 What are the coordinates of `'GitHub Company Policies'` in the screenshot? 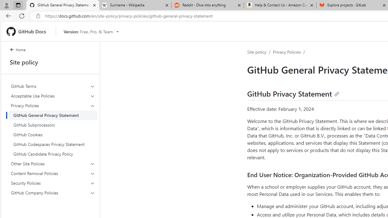 It's located at (53, 193).